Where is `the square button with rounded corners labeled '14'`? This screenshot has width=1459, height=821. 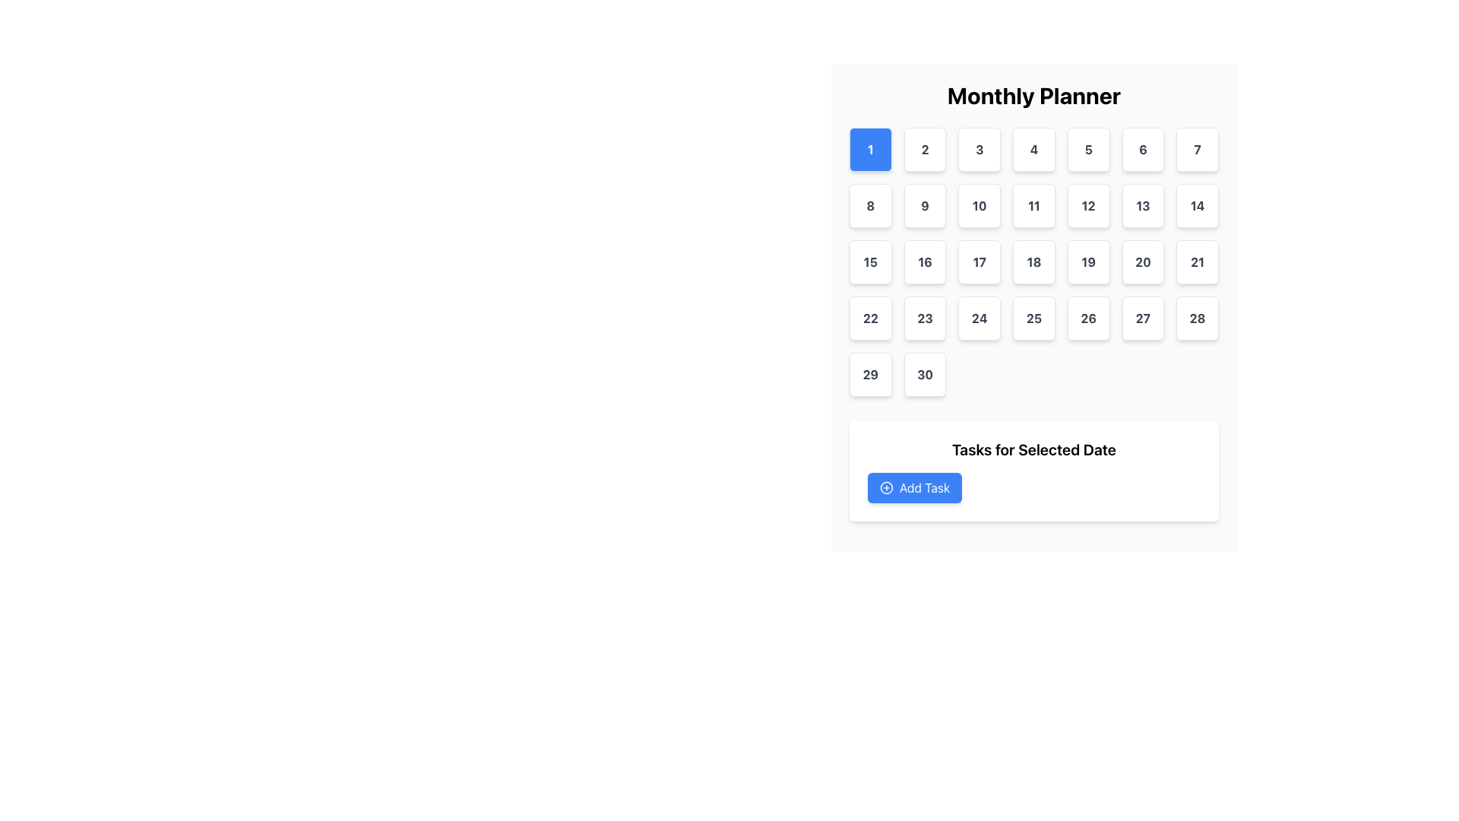
the square button with rounded corners labeled '14' is located at coordinates (1197, 205).